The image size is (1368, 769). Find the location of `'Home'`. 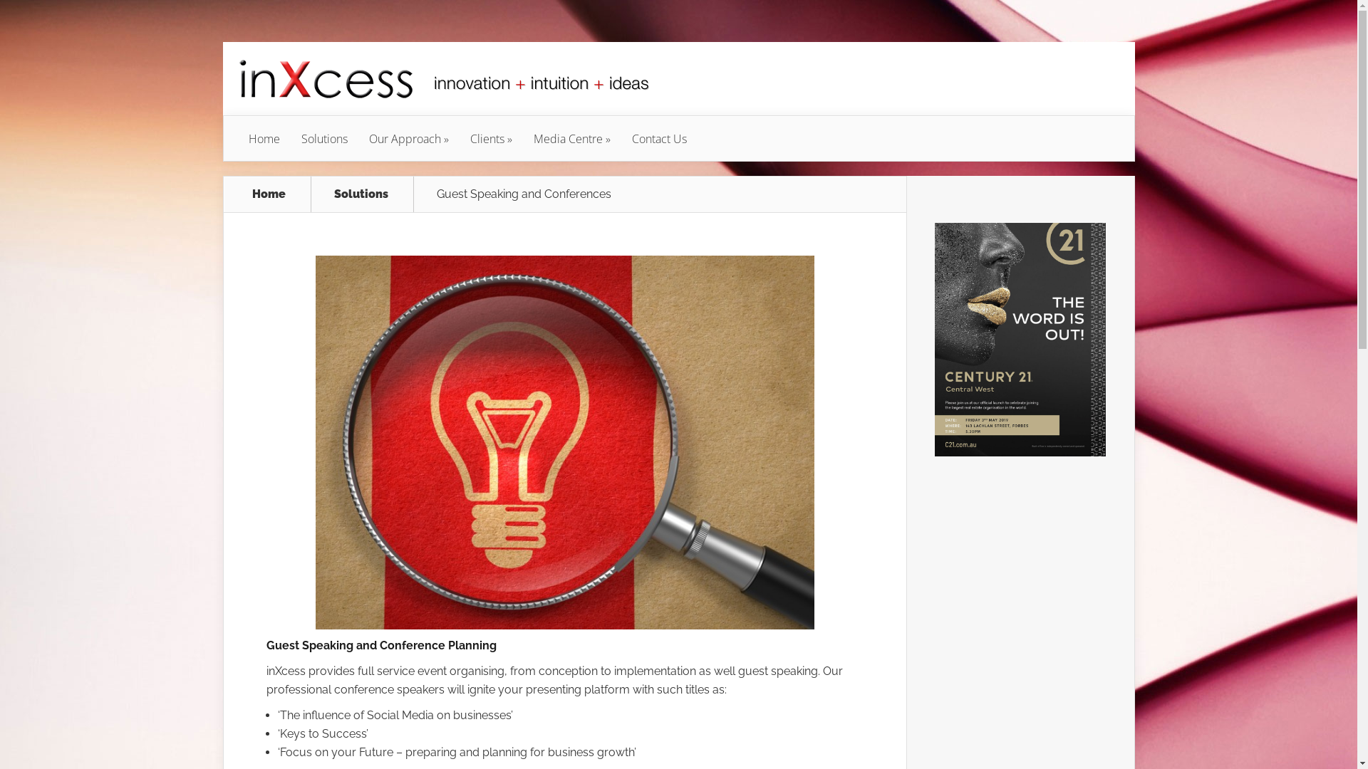

'Home' is located at coordinates (235, 194).